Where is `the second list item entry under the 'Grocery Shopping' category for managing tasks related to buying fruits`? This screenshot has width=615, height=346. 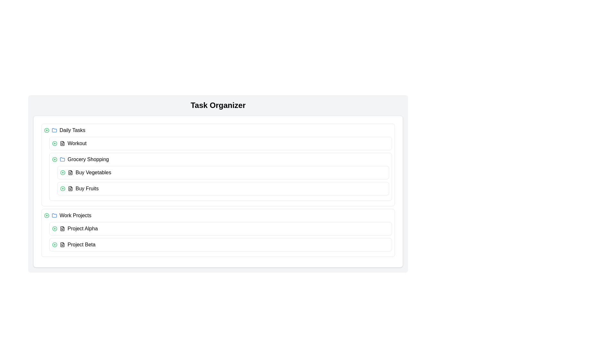
the second list item entry under the 'Grocery Shopping' category for managing tasks related to buying fruits is located at coordinates (223, 188).